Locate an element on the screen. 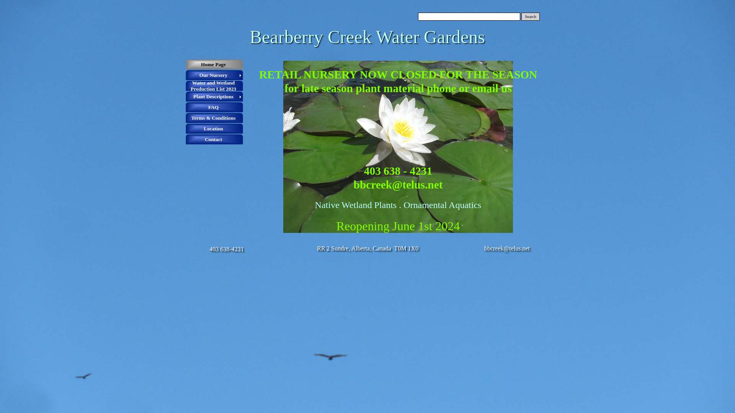 The height and width of the screenshot is (413, 735). 'Search' is located at coordinates (521, 16).